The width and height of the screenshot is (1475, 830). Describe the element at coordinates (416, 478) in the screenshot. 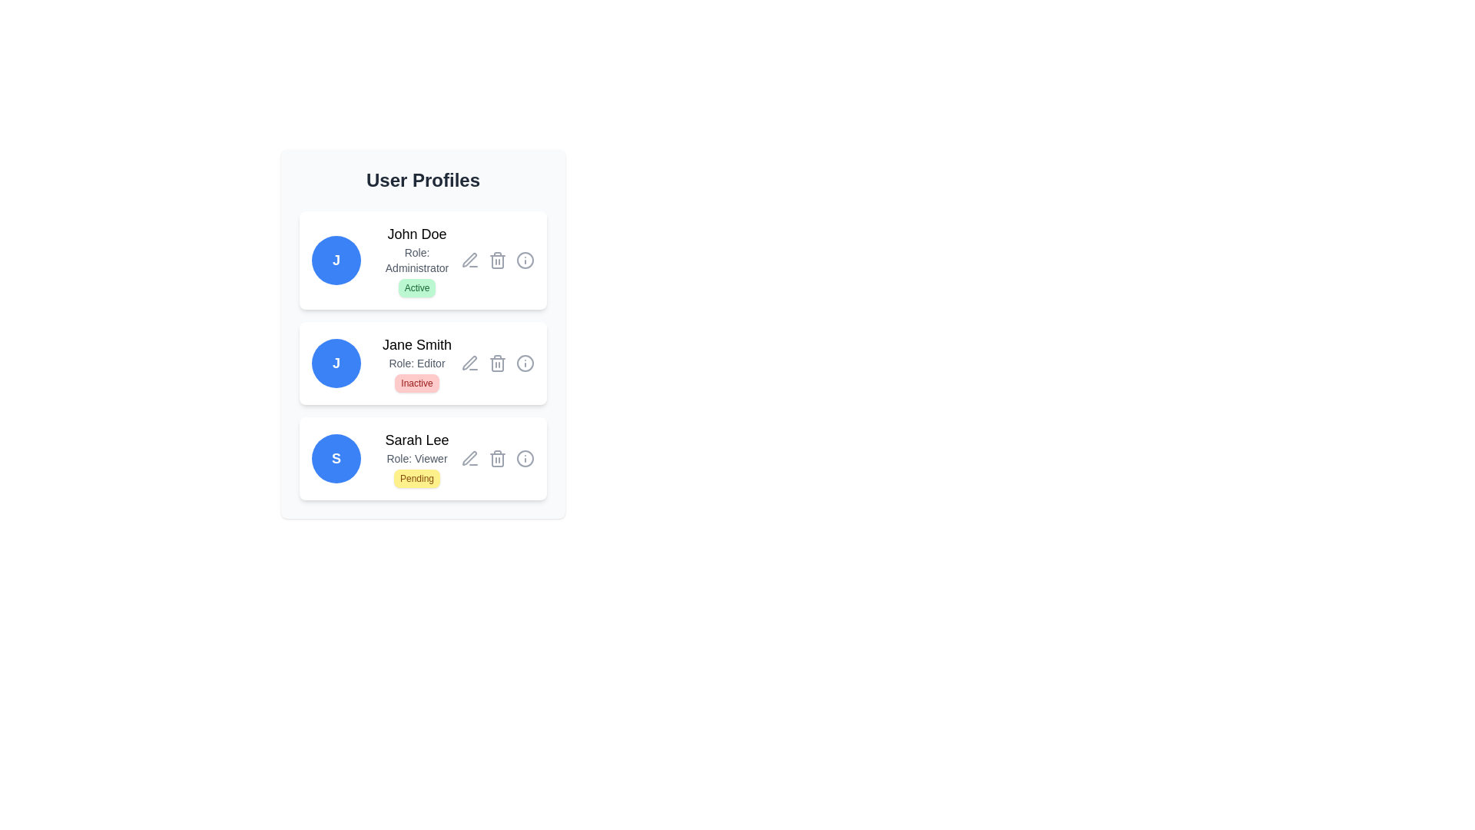

I see `the Status label displaying 'Pending' for user 'Sarah Lee', located in the third card of user profiles` at that location.